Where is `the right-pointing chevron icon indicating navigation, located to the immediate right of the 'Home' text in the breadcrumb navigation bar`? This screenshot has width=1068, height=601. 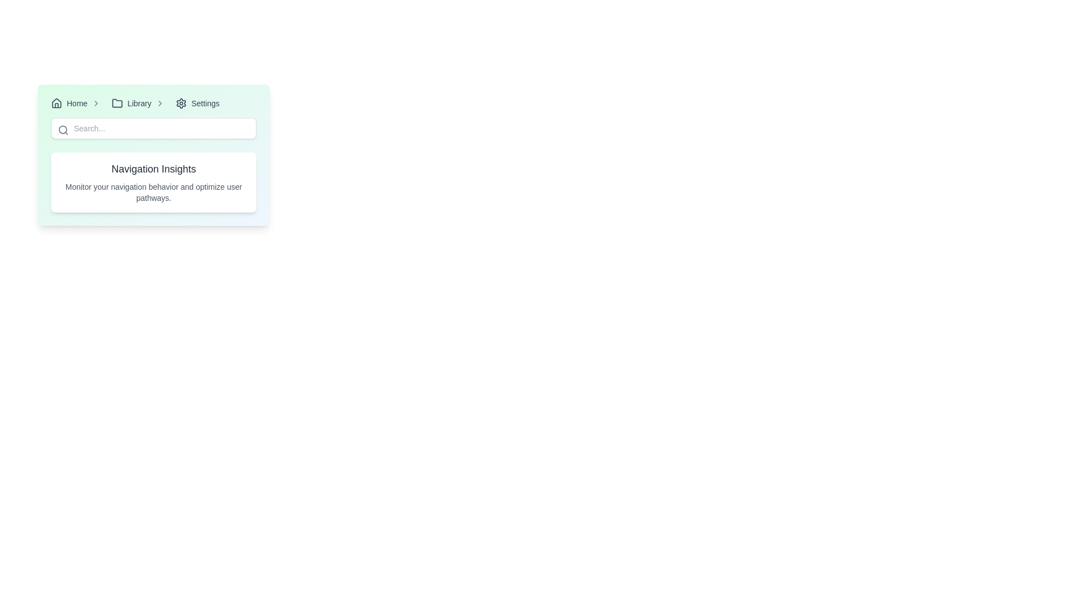 the right-pointing chevron icon indicating navigation, located to the immediate right of the 'Home' text in the breadcrumb navigation bar is located at coordinates (96, 103).